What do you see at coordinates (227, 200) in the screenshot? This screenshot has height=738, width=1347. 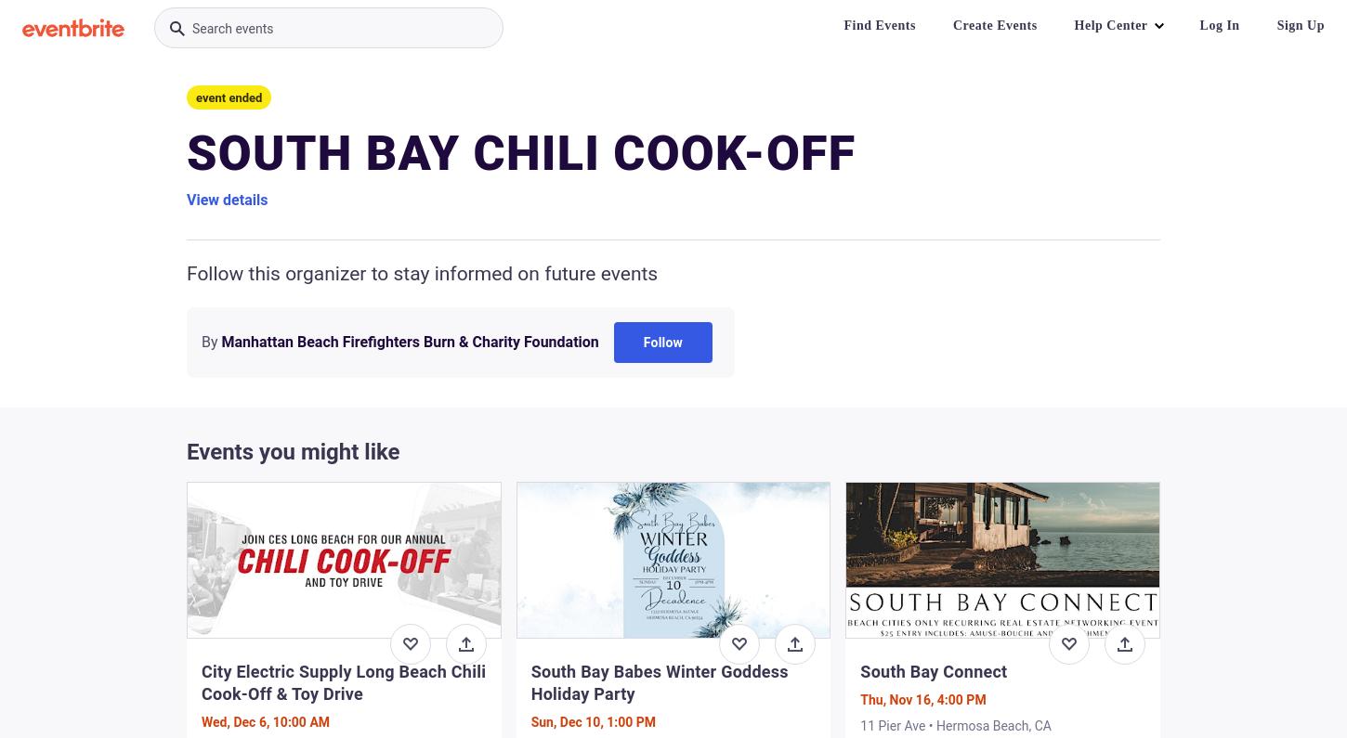 I see `'View details'` at bounding box center [227, 200].